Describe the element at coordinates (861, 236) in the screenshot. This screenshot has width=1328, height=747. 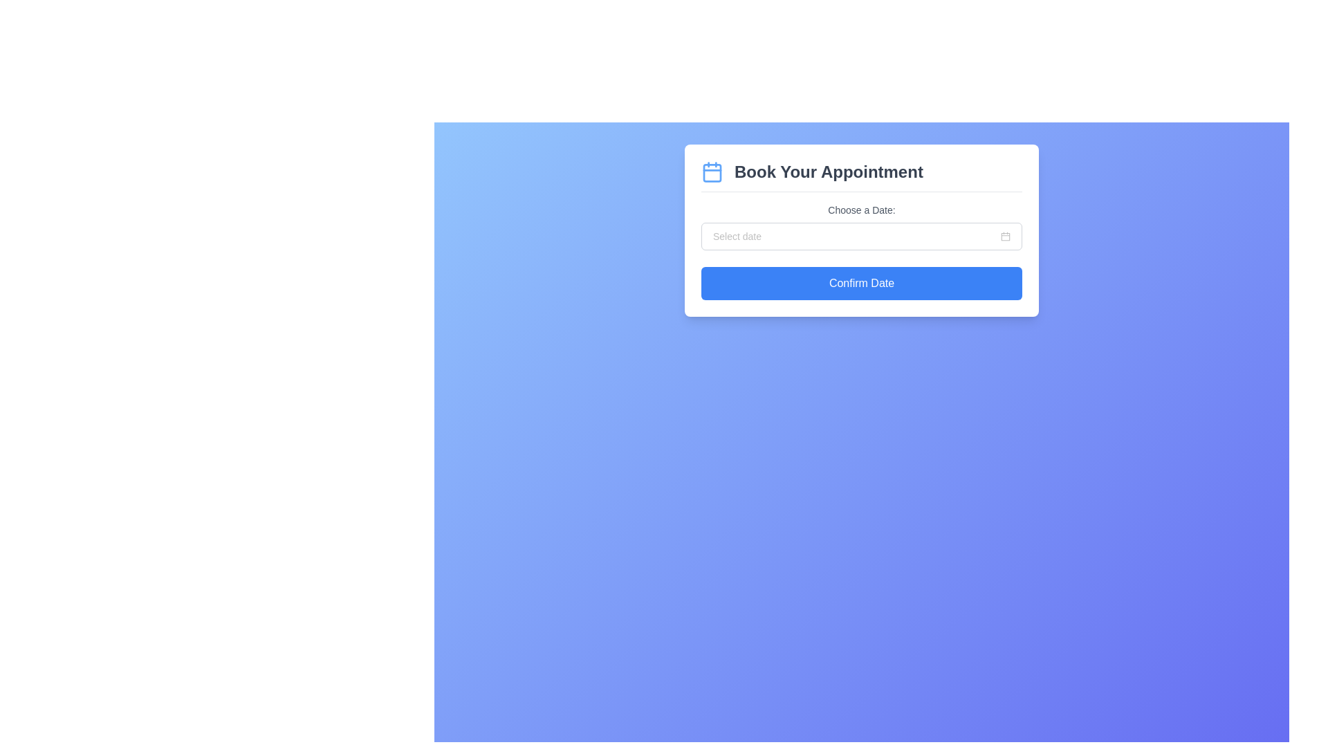
I see `the date picker input field with placeholder text 'Select date' located in the card modal titled 'Book Your Appointment' to input a date manually` at that location.